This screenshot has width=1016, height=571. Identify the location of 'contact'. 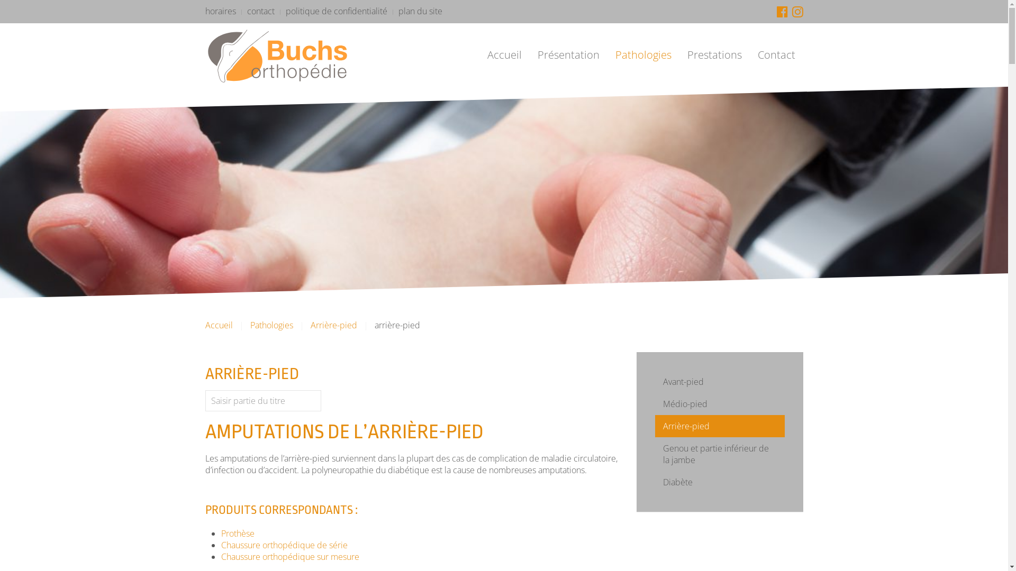
(260, 11).